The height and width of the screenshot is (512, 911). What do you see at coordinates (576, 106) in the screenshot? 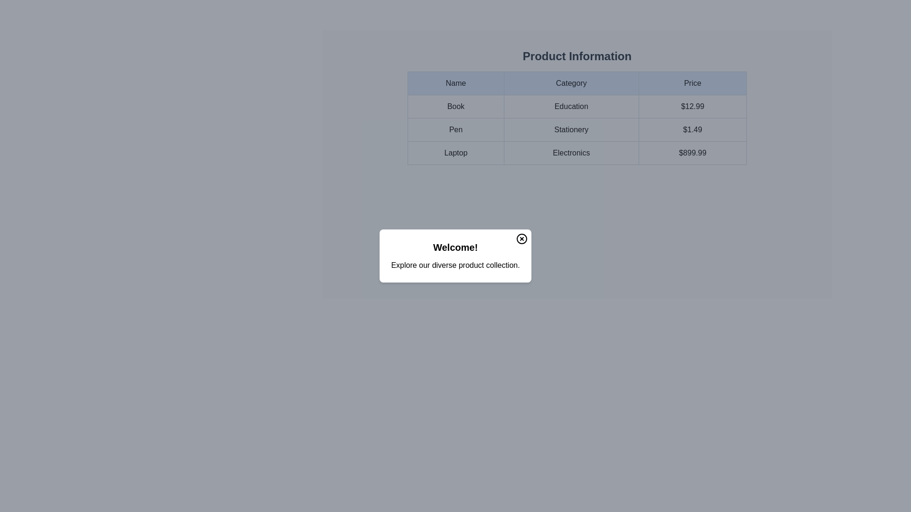
I see `the first table row of the 'Product Information' table` at bounding box center [576, 106].